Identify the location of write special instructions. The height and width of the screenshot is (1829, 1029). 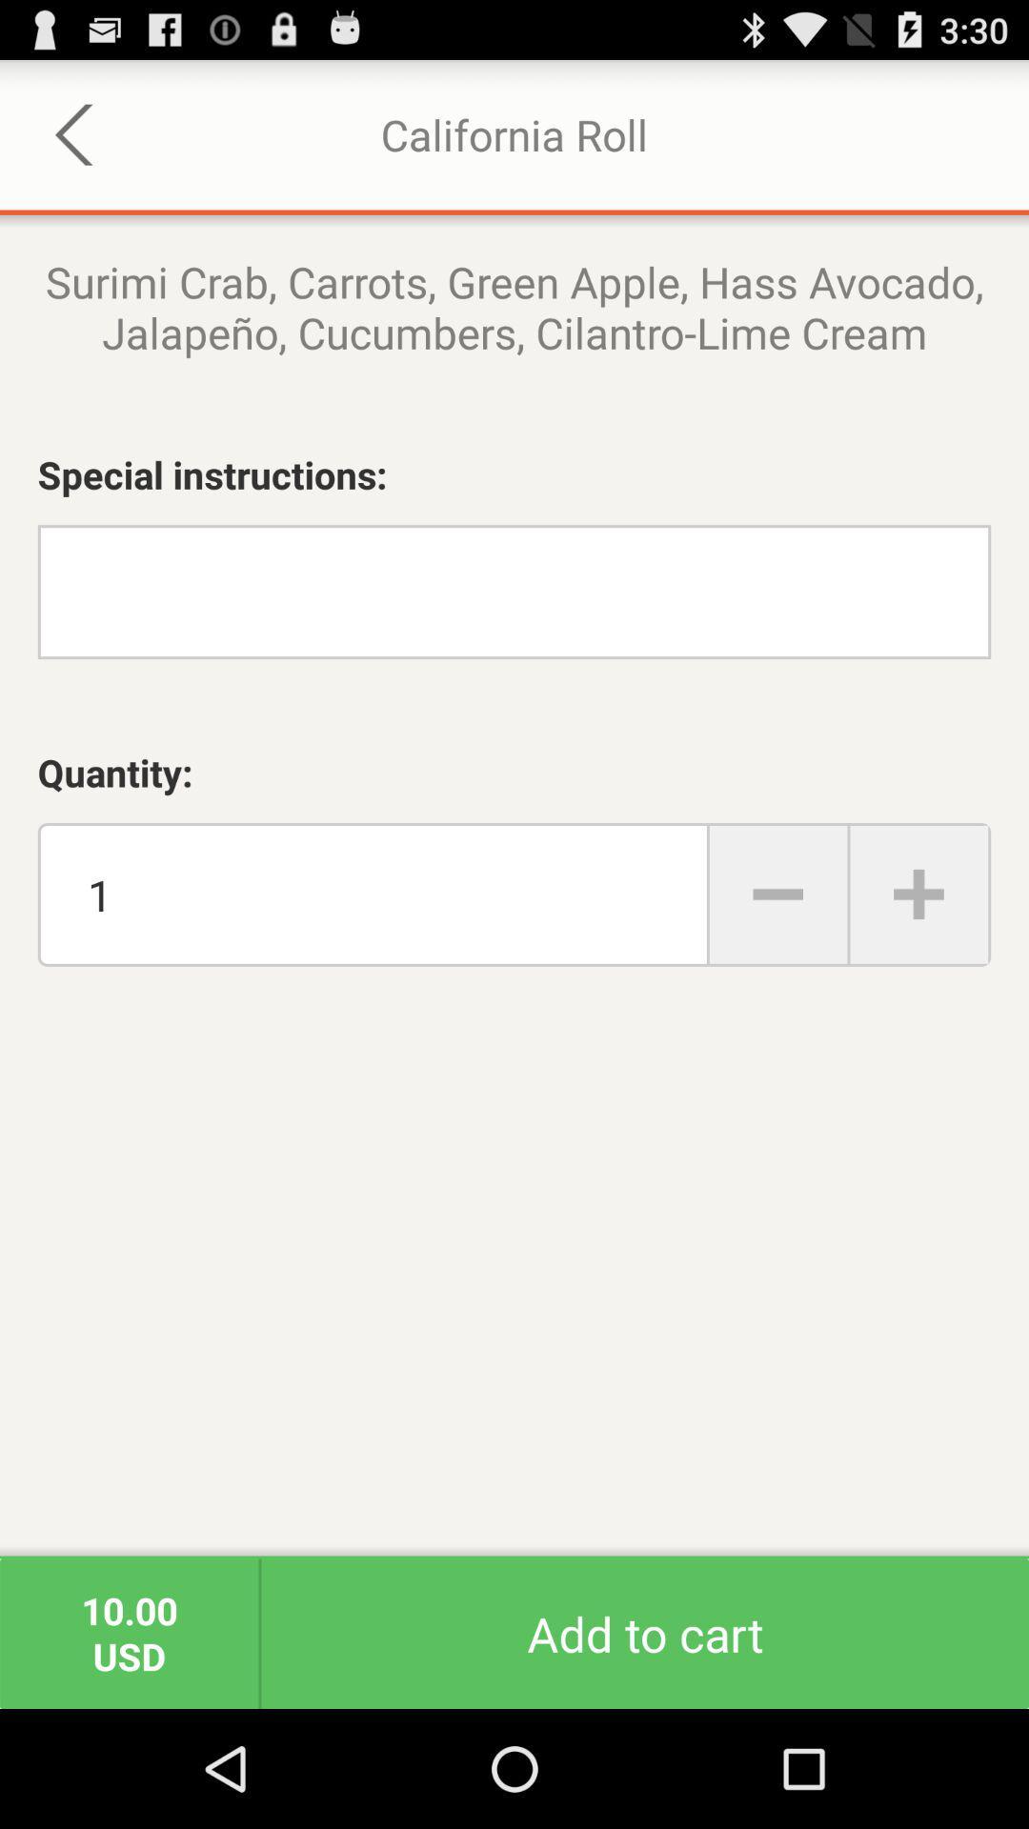
(514, 591).